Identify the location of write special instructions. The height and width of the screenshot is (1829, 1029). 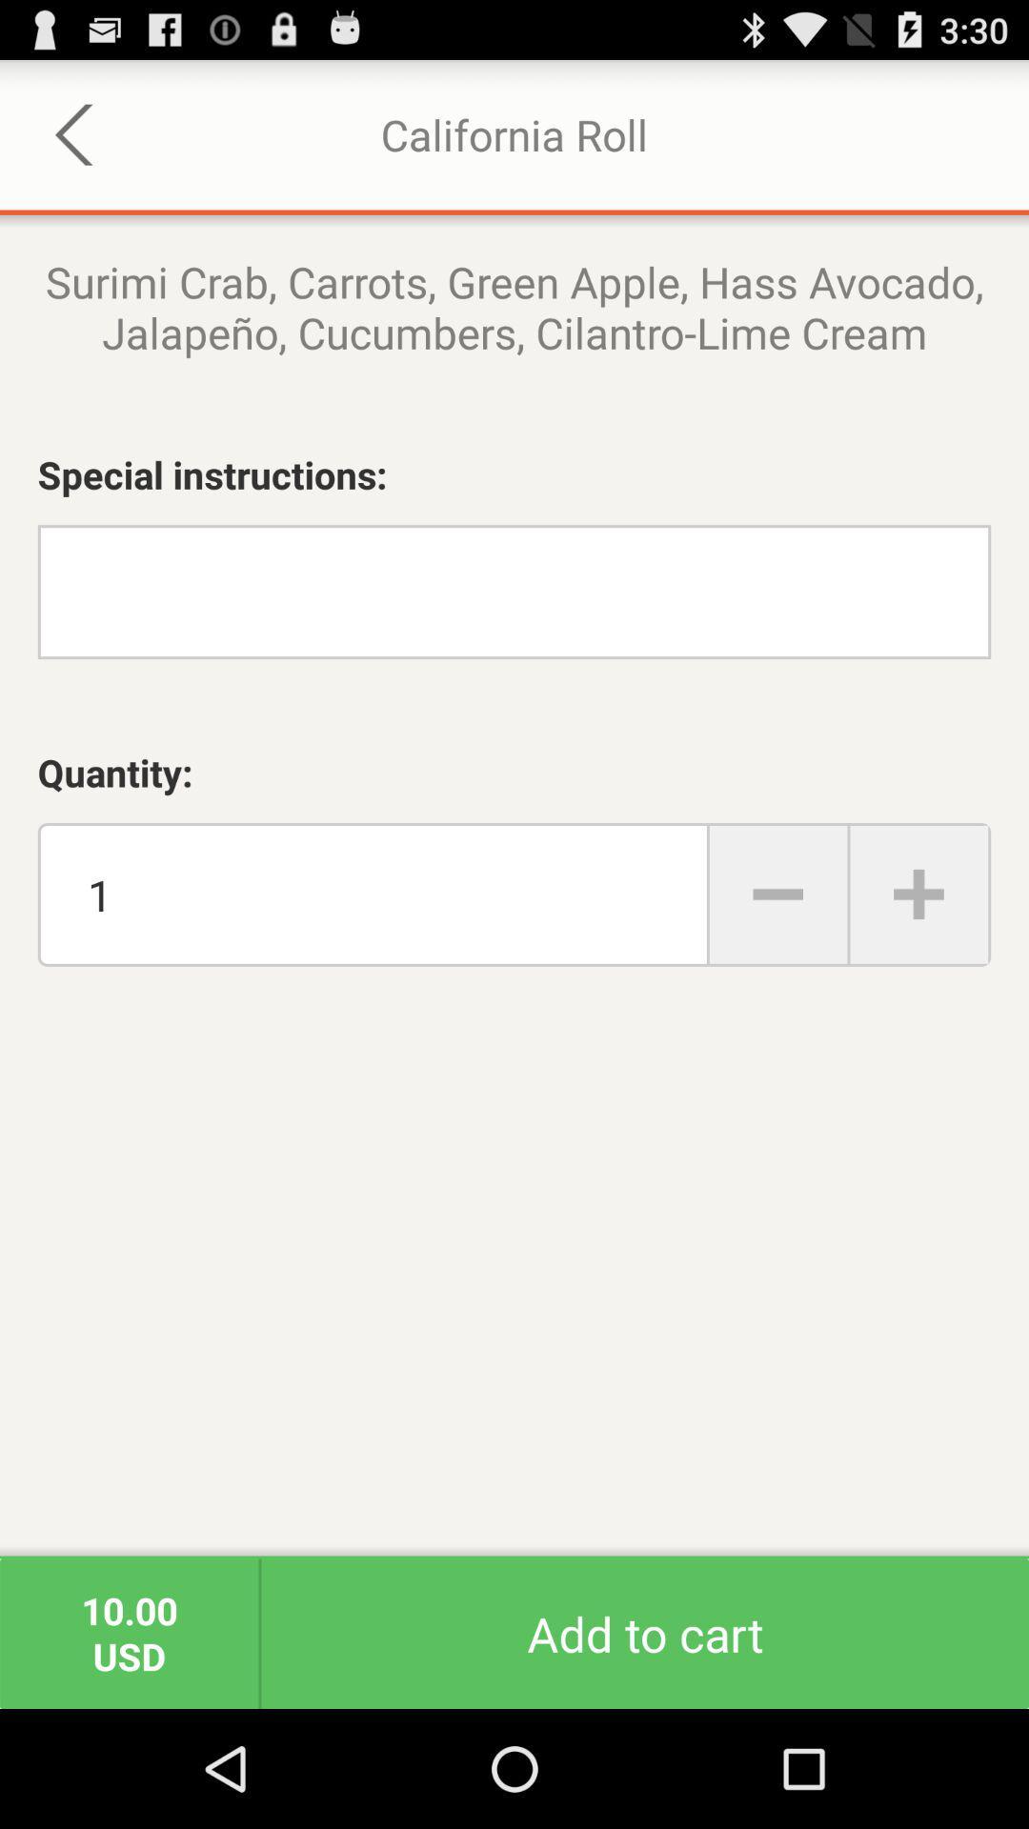
(514, 591).